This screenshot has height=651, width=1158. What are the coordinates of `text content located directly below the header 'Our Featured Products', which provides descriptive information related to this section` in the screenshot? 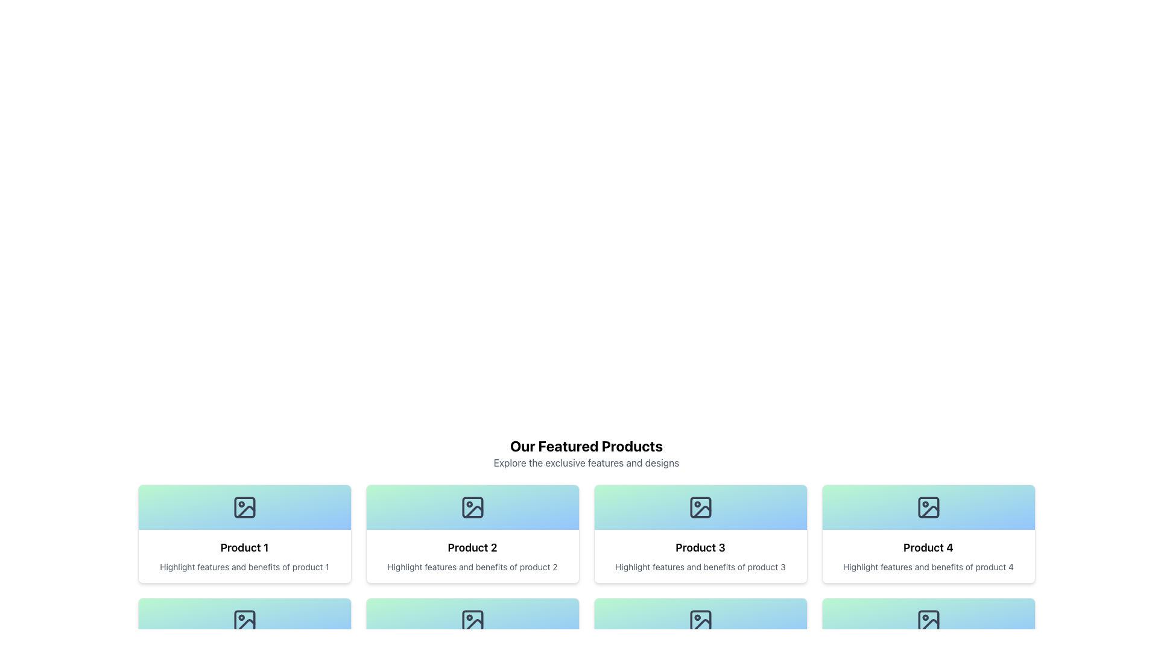 It's located at (586, 462).